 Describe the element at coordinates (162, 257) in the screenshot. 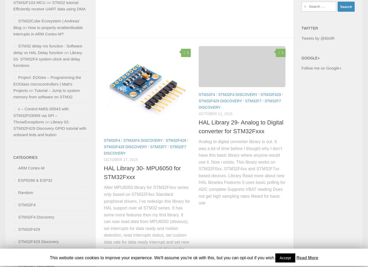

I see `'This website uses cookies to improve your experience. We'll assume you're ok with this, but you can opt-out if you wish.'` at that location.